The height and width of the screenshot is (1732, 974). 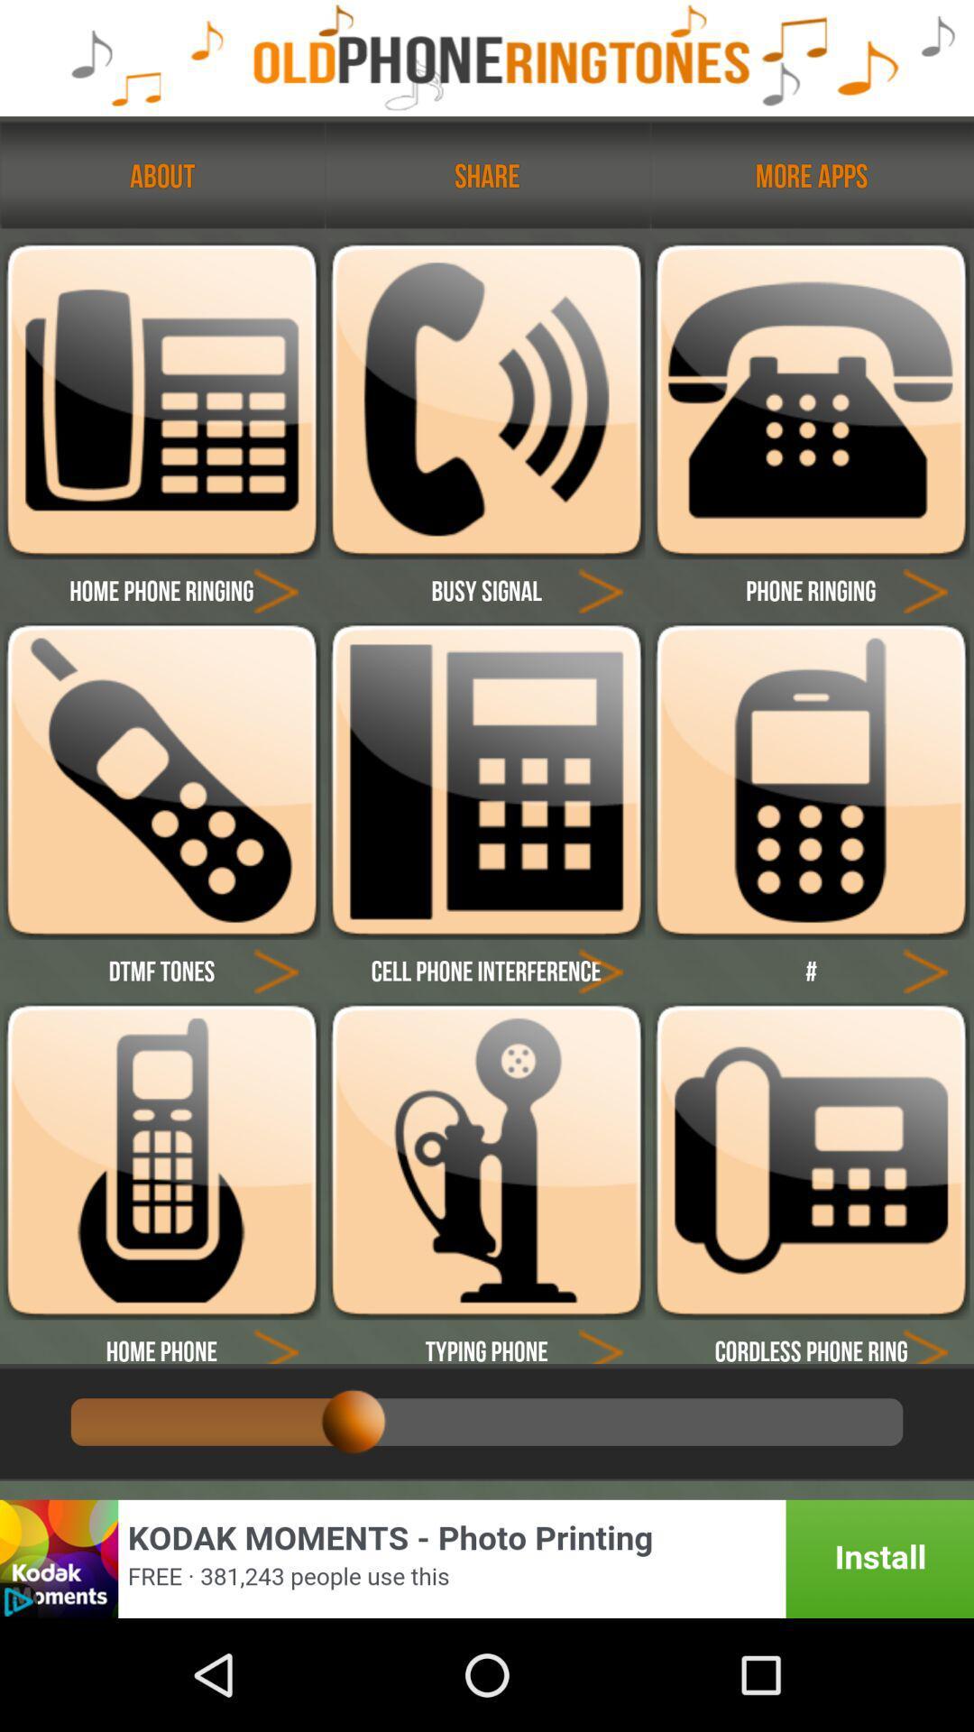 I want to click on open the ringtone menu, so click(x=161, y=780).